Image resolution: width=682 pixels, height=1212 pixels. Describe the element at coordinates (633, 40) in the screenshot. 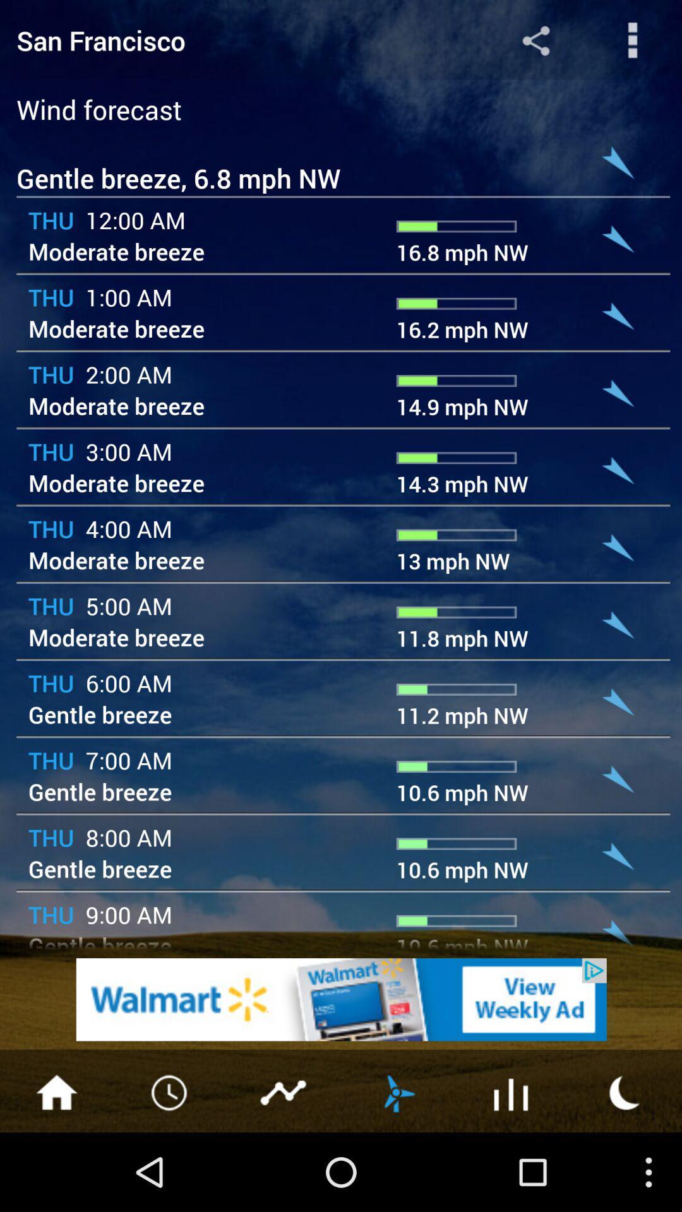

I see `share the articles` at that location.